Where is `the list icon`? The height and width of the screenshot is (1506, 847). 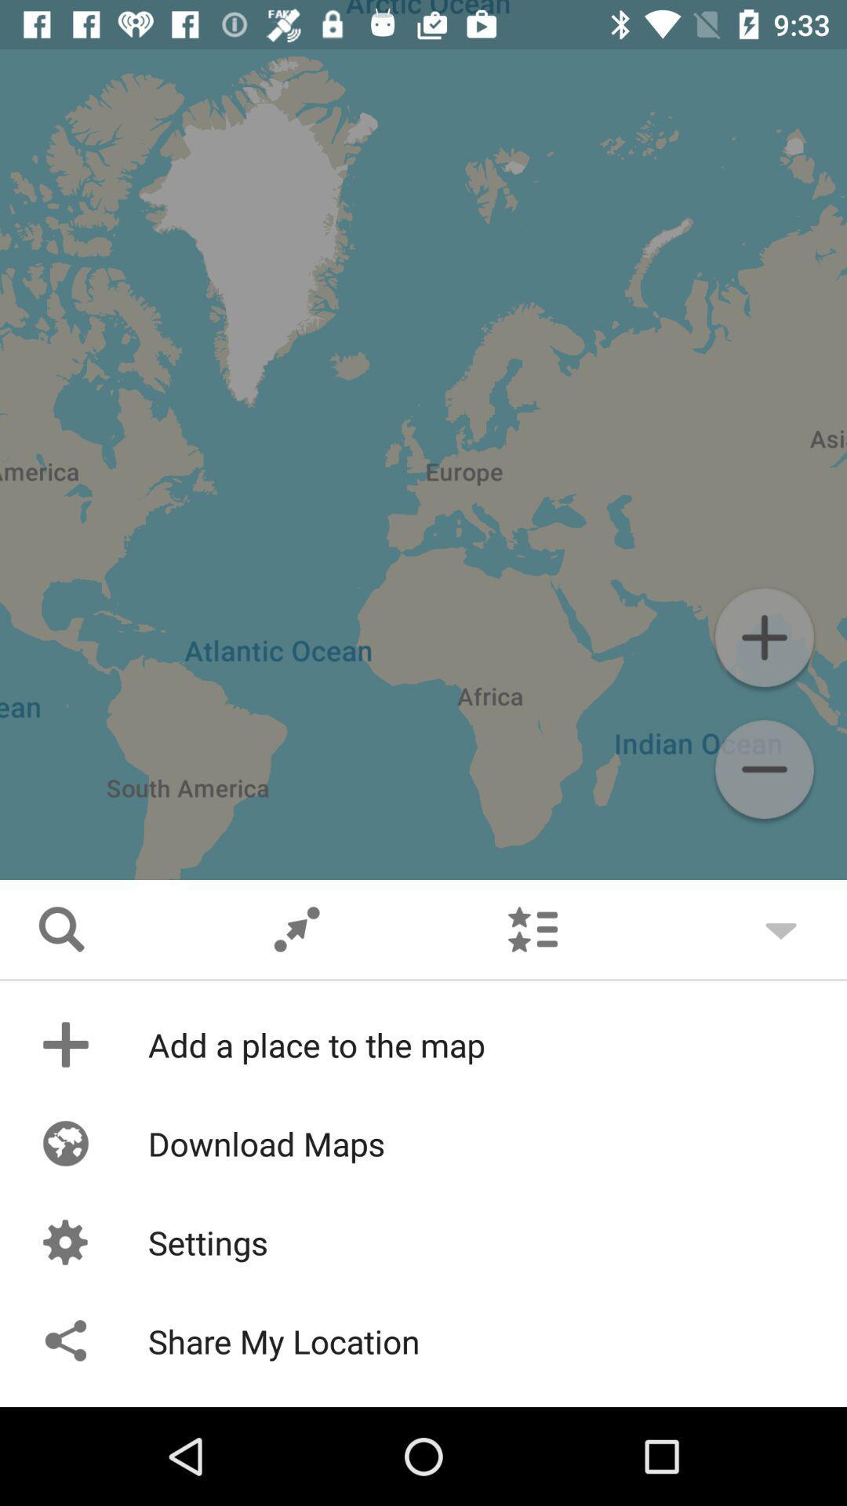
the list icon is located at coordinates (532, 929).